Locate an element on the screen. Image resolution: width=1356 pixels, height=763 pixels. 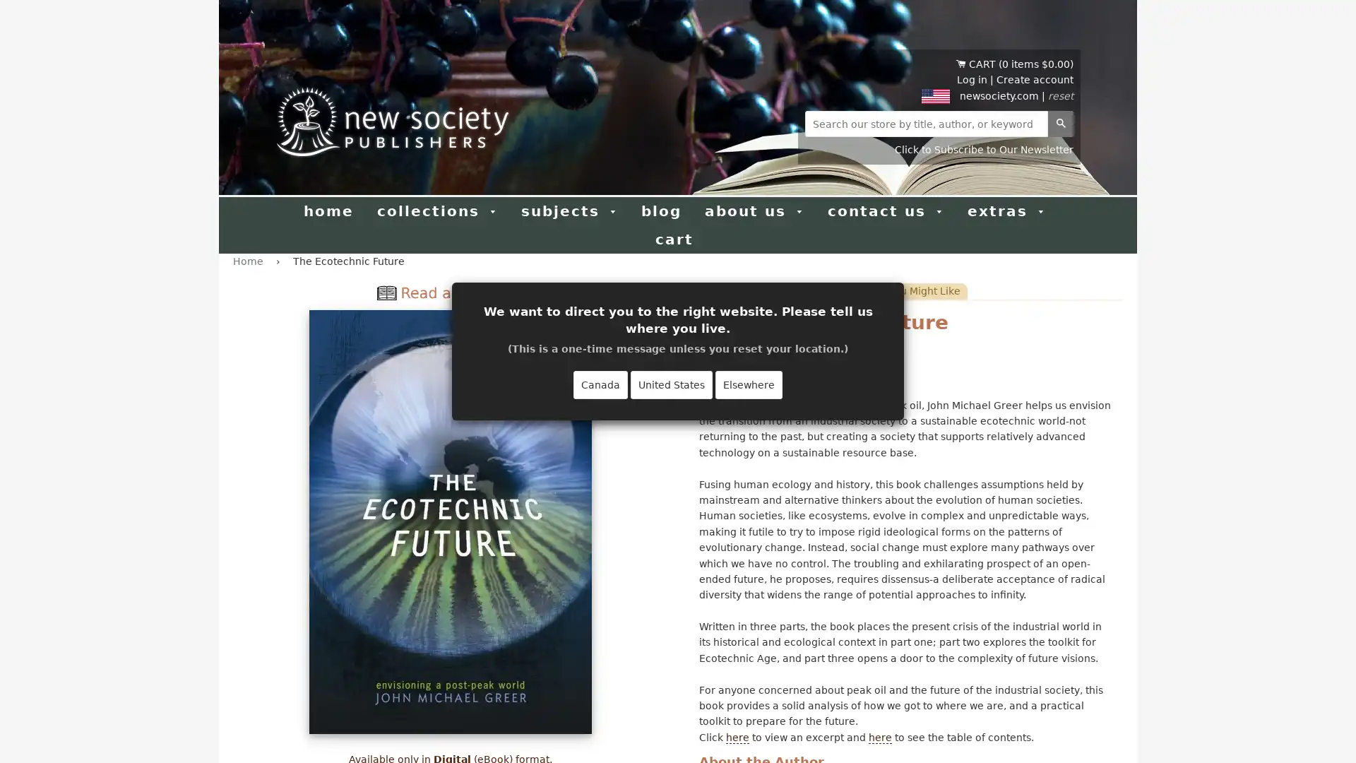
Elsewhere is located at coordinates (748, 384).